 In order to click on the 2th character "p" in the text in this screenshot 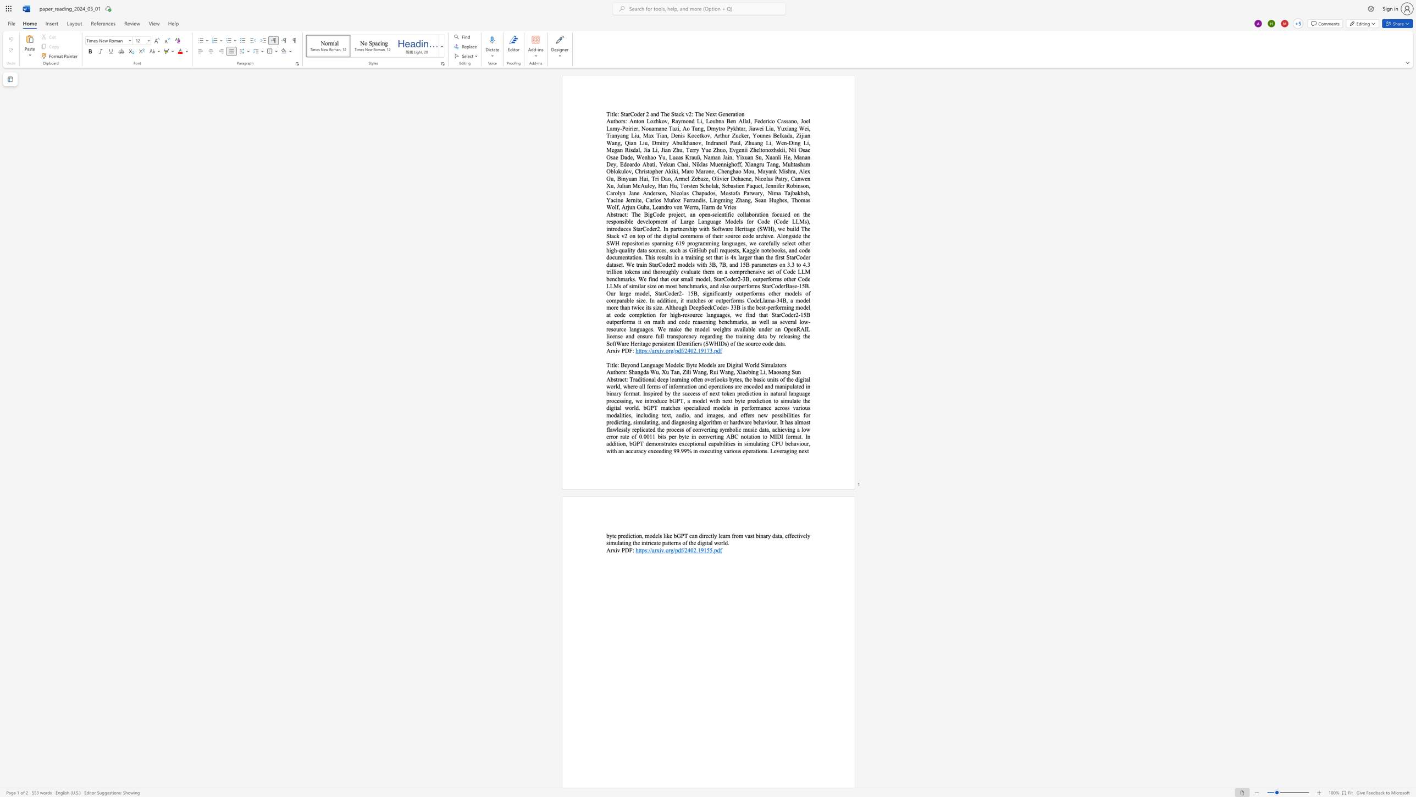, I will do `click(676, 350)`.